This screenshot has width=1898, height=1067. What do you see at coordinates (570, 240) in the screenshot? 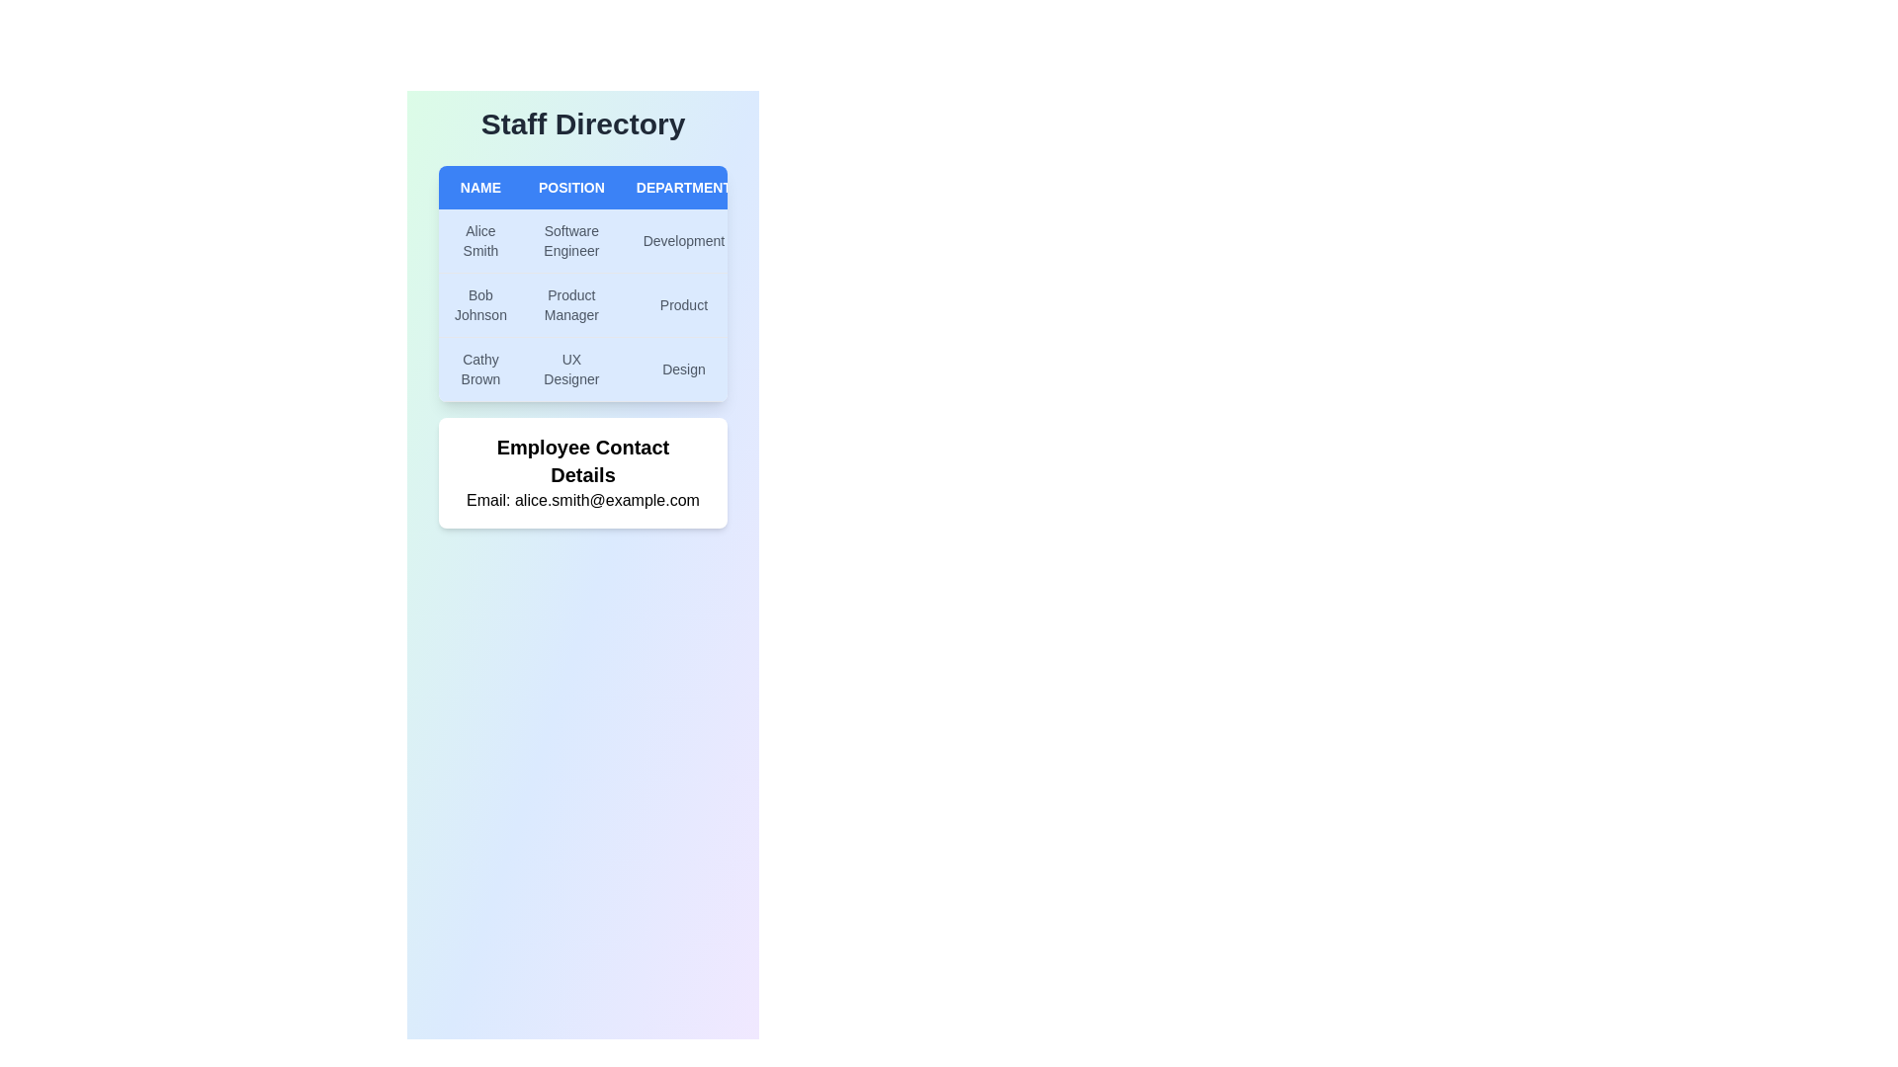
I see `the static text label displaying 'Software Engineer', which is located under the 'Position' heading in the middle column of the table` at bounding box center [570, 240].